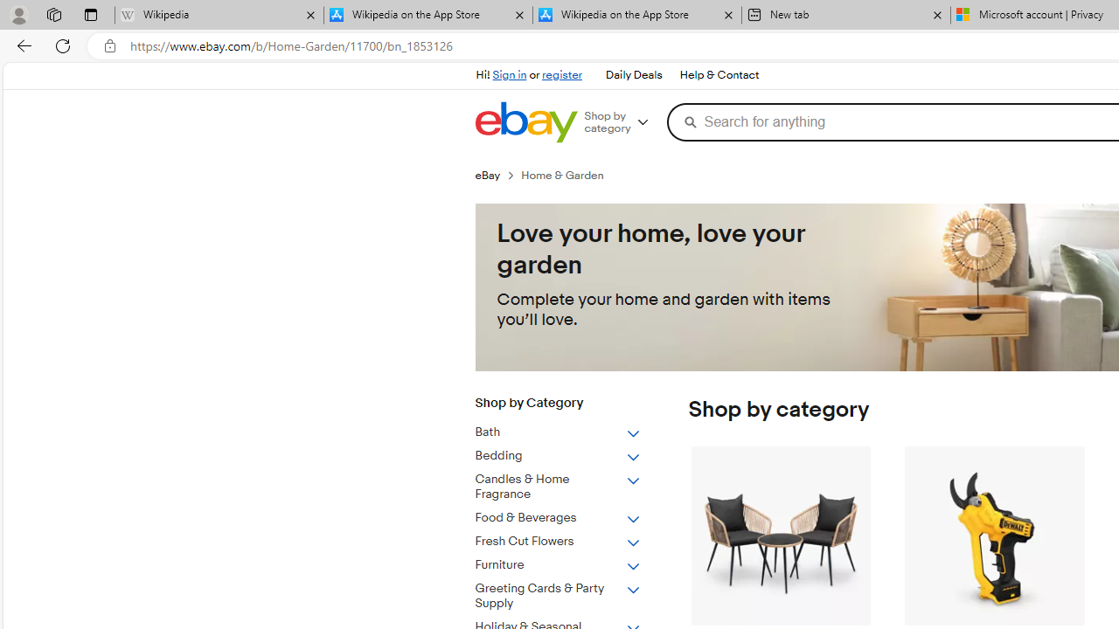 The image size is (1119, 629). What do you see at coordinates (497, 175) in the screenshot?
I see `'eBay'` at bounding box center [497, 175].